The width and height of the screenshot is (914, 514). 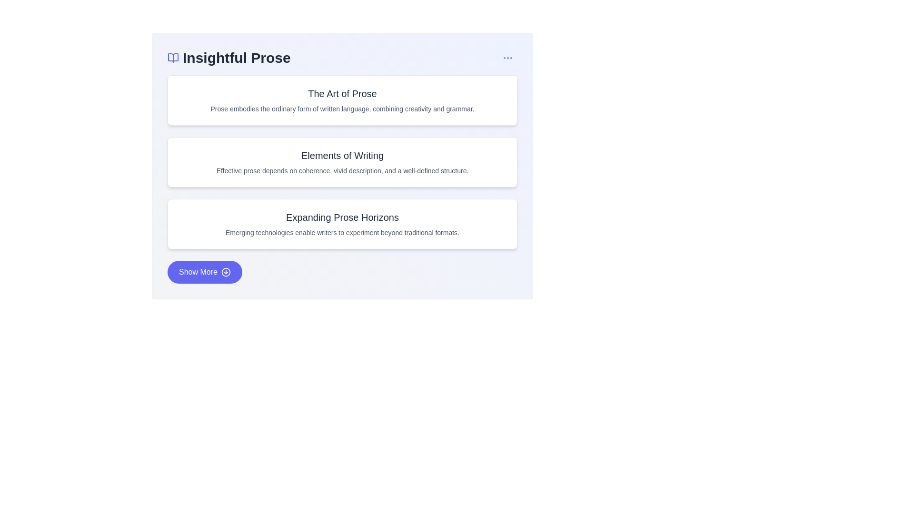 What do you see at coordinates (342, 170) in the screenshot?
I see `the static text component that reads 'Effective prose depends on coherence, vivid description, and a well-defined structure,' which is located under the heading 'Elements of Writing' in a card-like layout` at bounding box center [342, 170].